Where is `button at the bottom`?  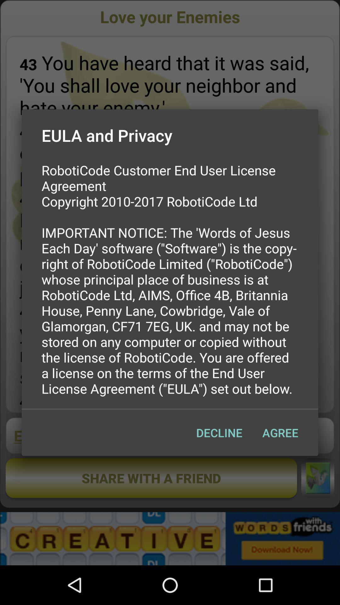 button at the bottom is located at coordinates (219, 432).